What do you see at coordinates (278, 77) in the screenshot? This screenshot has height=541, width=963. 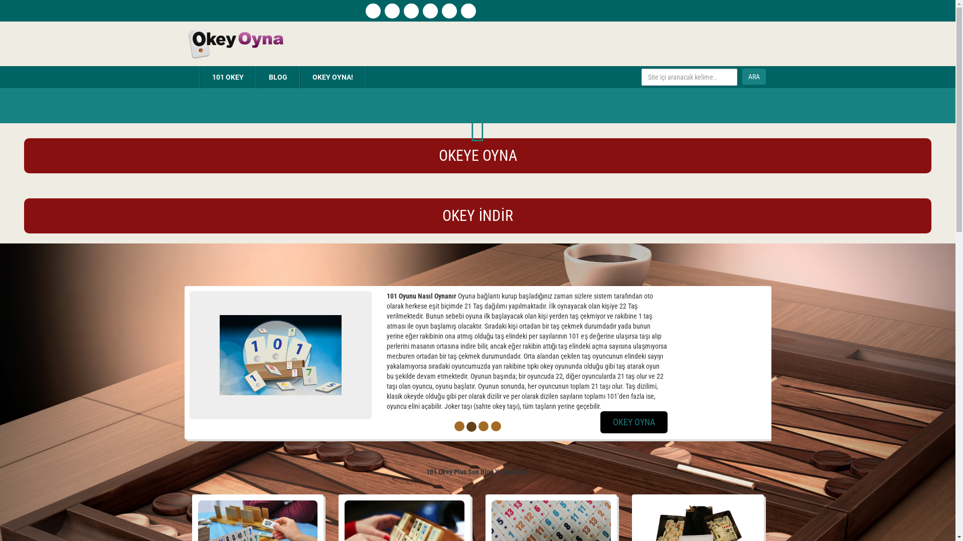 I see `'BLOG'` at bounding box center [278, 77].